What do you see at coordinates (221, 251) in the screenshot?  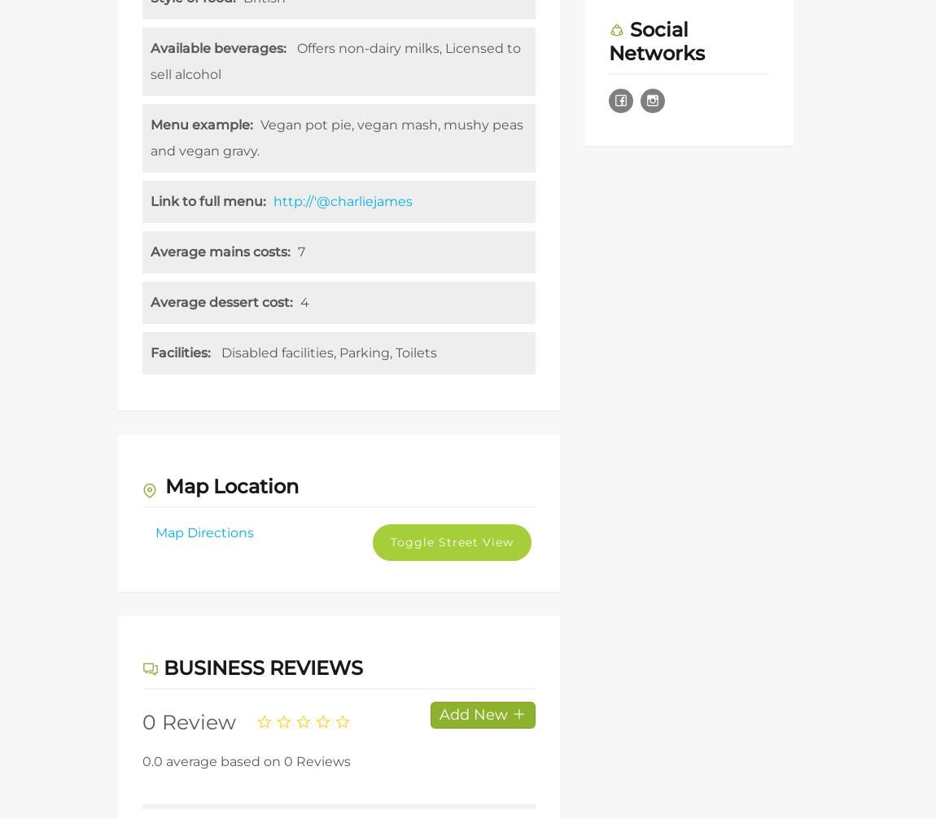 I see `'Average mains costs:'` at bounding box center [221, 251].